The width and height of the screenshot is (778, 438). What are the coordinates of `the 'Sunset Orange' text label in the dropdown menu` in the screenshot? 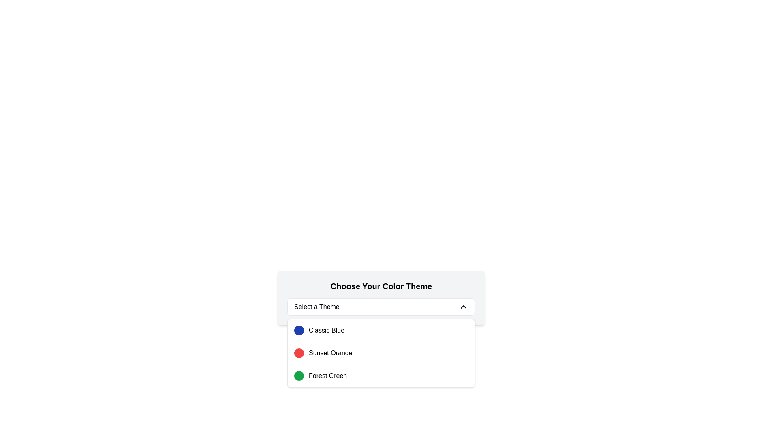 It's located at (323, 353).